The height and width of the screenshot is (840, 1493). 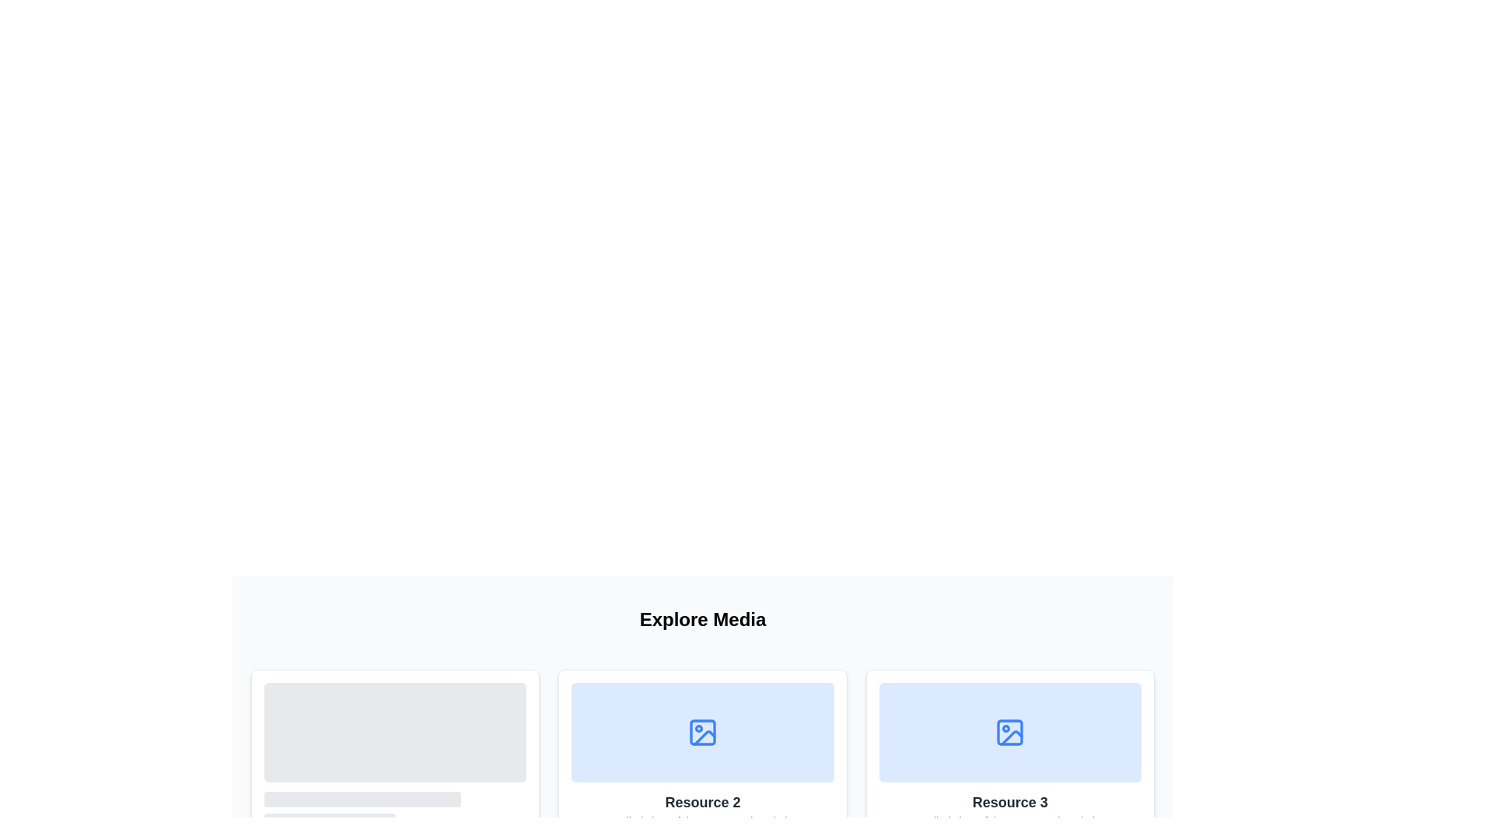 I want to click on the bold text label displaying 'Resource 2', which is styled with a larger font size and dark gray color, positioned below a blue-shaded box in the resource card layout, so click(x=701, y=803).